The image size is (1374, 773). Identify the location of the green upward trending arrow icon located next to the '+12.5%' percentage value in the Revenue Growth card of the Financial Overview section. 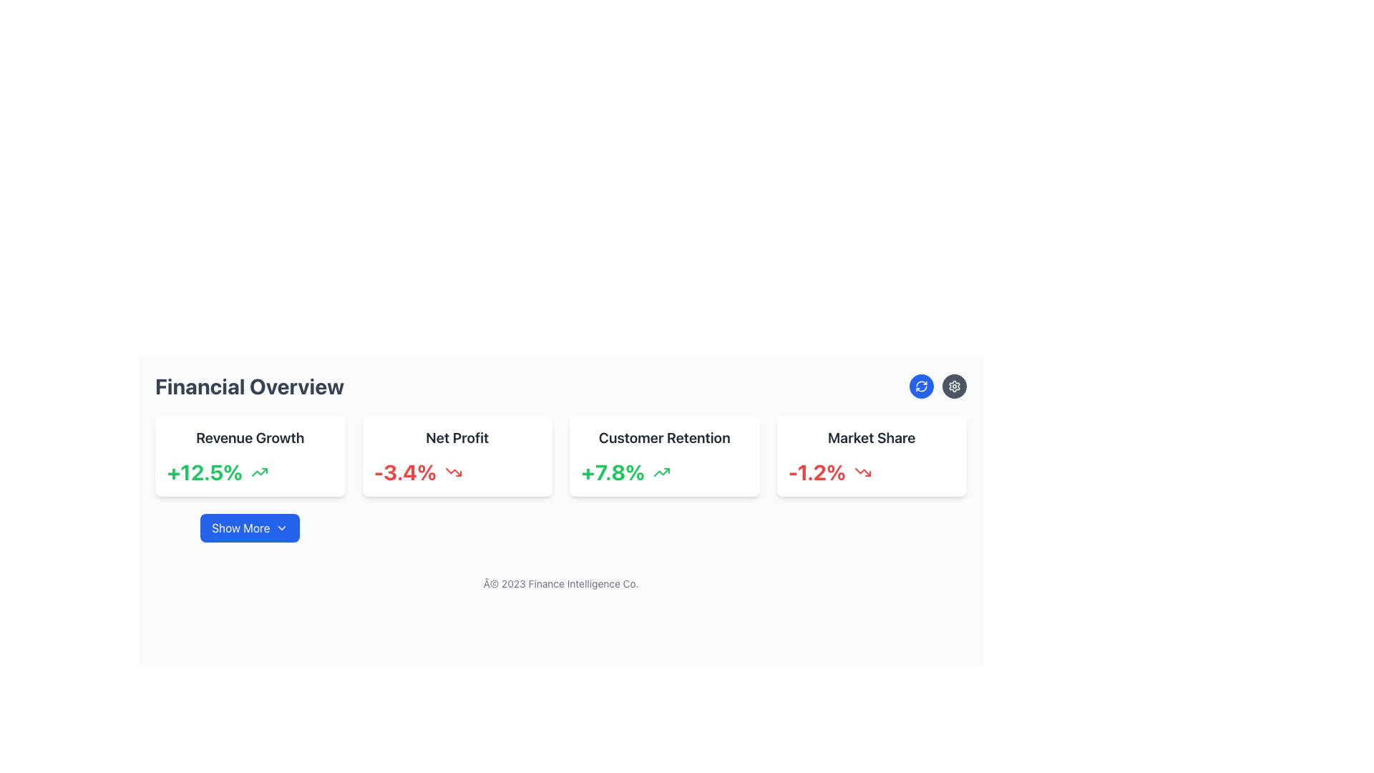
(260, 472).